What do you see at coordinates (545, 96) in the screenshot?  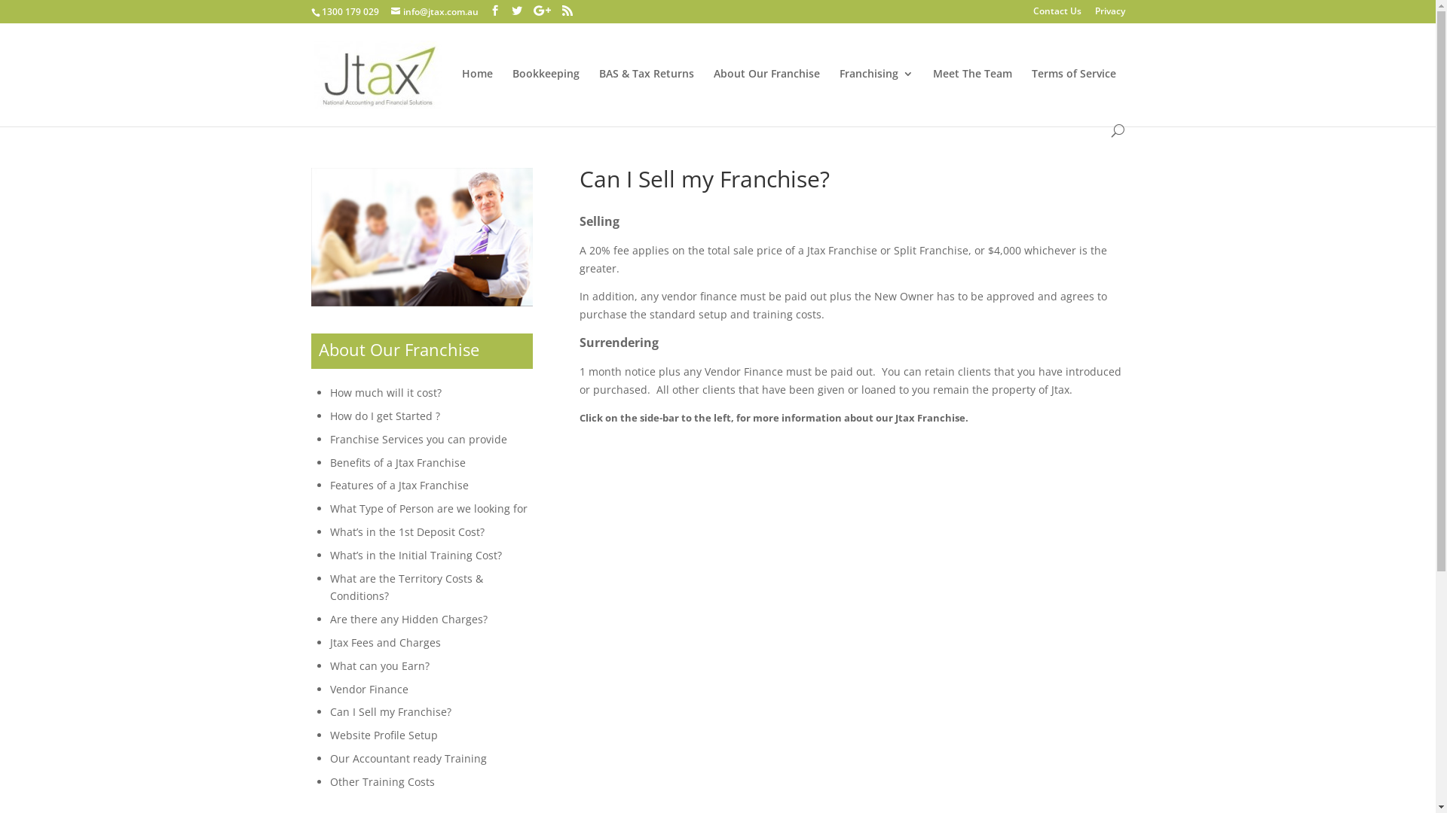 I see `'Bookkeeping'` at bounding box center [545, 96].